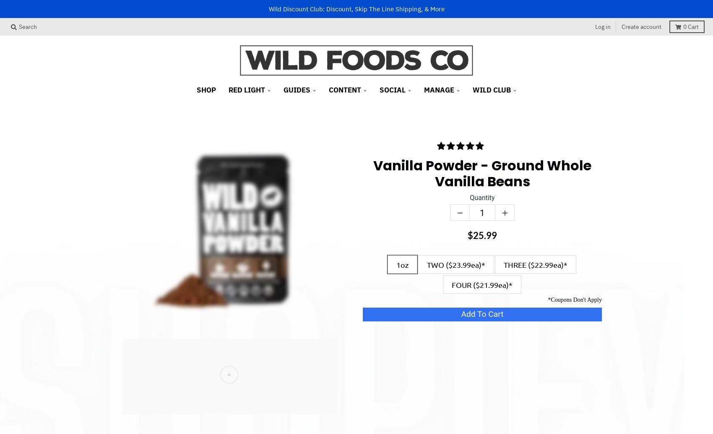 Image resolution: width=713 pixels, height=434 pixels. Describe the element at coordinates (482, 235) in the screenshot. I see `'$25.99'` at that location.